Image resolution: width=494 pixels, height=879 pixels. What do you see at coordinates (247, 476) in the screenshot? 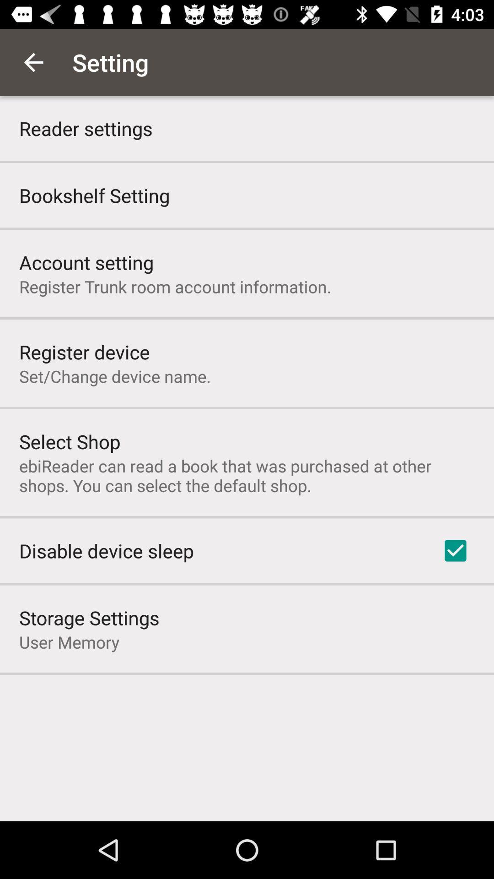
I see `item at the center` at bounding box center [247, 476].